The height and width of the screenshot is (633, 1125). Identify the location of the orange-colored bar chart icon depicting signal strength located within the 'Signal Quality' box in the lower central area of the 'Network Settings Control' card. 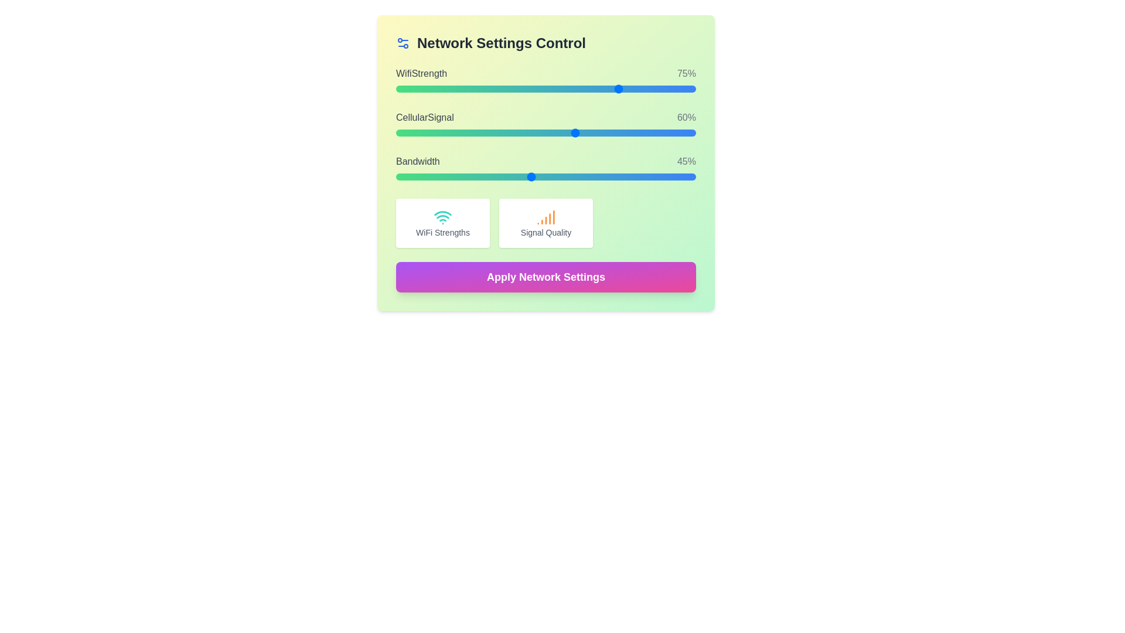
(545, 217).